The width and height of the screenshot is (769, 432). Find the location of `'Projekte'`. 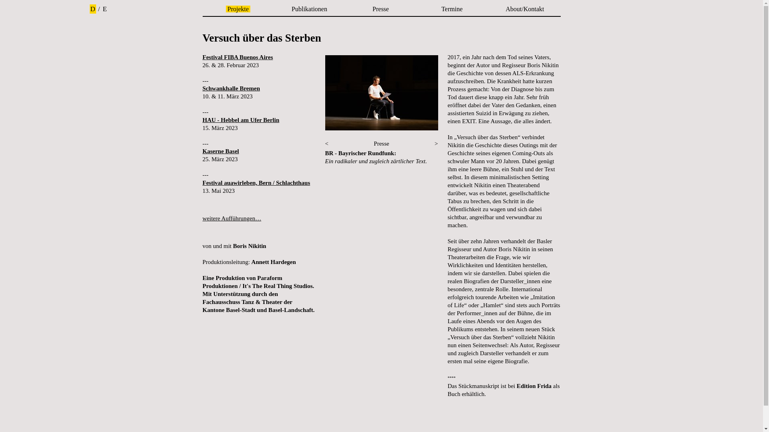

'Projekte' is located at coordinates (238, 9).